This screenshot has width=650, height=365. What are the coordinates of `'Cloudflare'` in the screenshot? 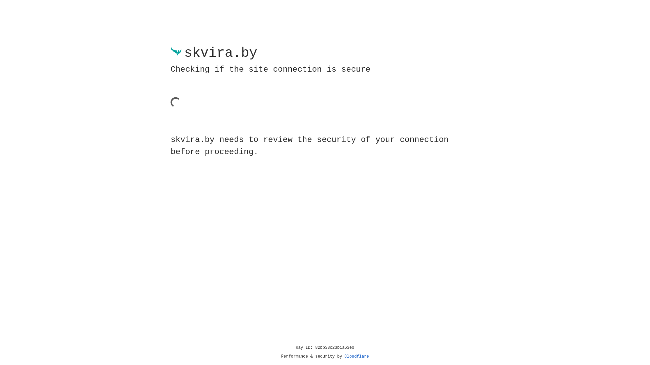 It's located at (344, 356).